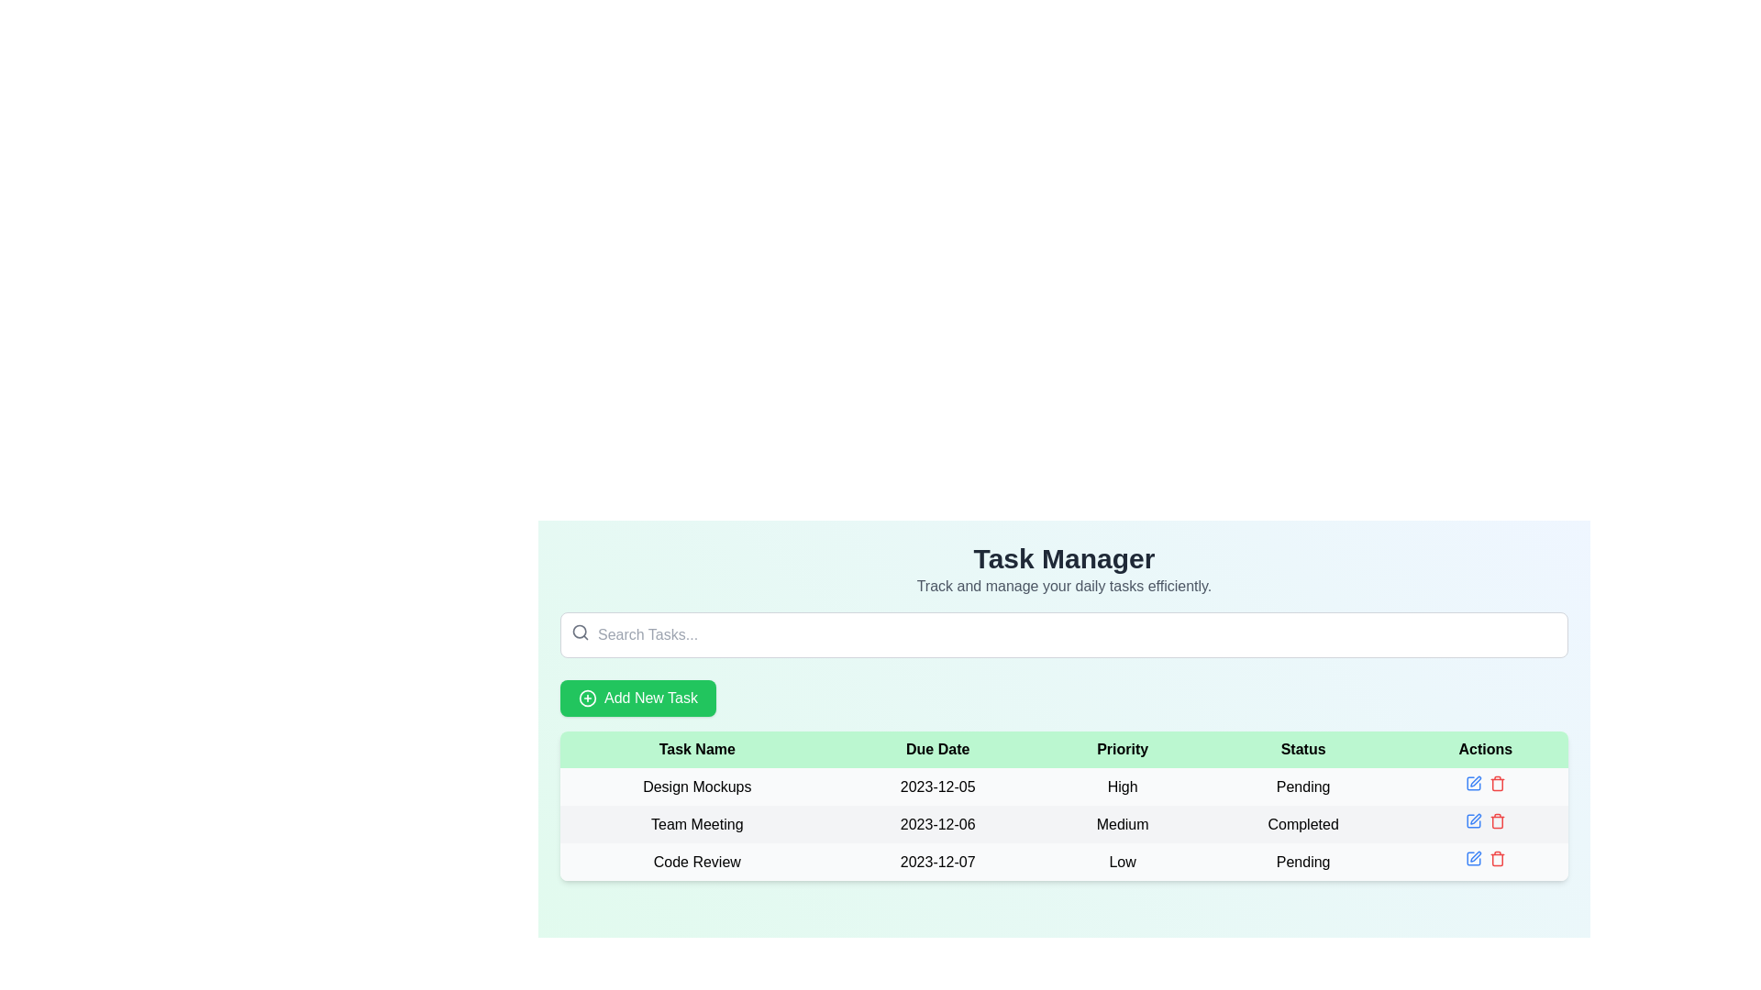 The width and height of the screenshot is (1761, 990). What do you see at coordinates (1473, 859) in the screenshot?
I see `the 'Square' shape icon in the 'Actions' column for the 'Low' priority task by clicking on it` at bounding box center [1473, 859].